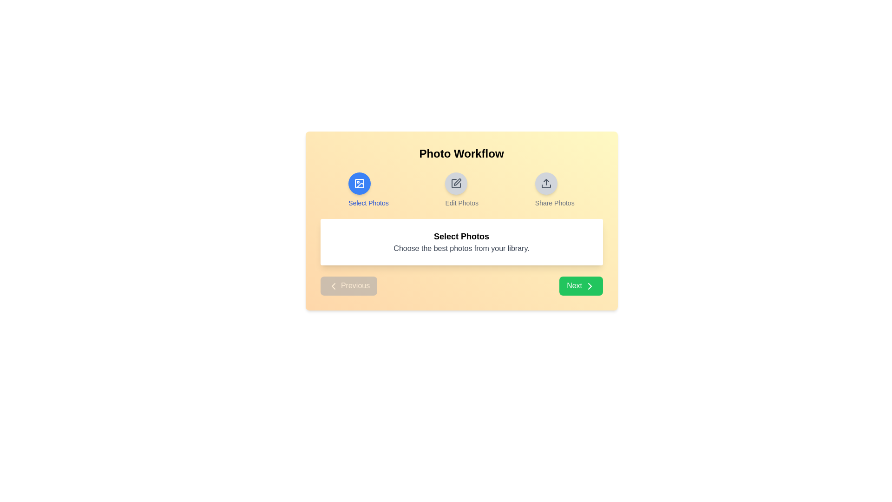 Image resolution: width=892 pixels, height=502 pixels. Describe the element at coordinates (580, 285) in the screenshot. I see `the 'Next' button to navigate to the next step` at that location.